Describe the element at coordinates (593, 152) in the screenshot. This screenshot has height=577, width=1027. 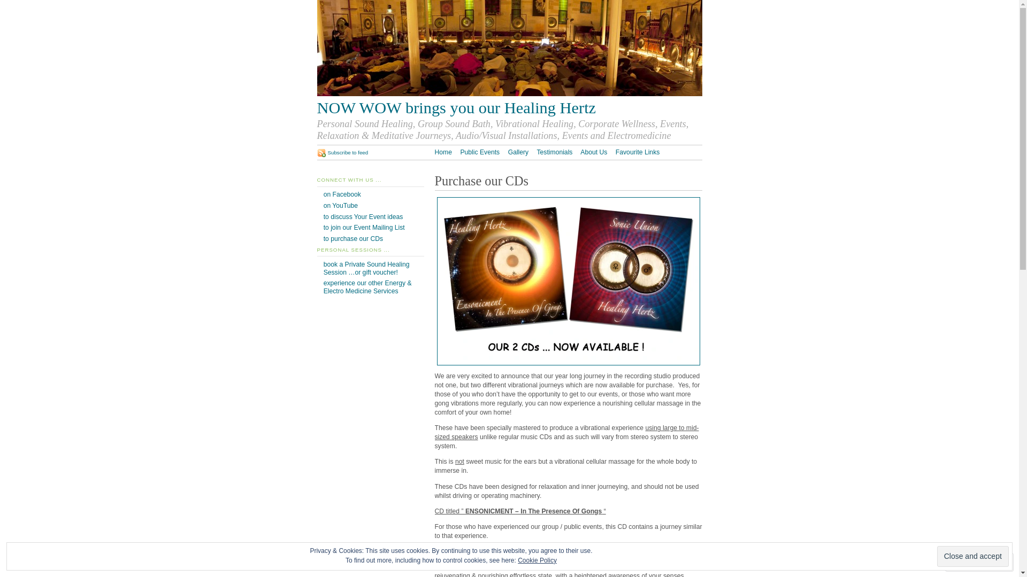
I see `'About Us'` at that location.